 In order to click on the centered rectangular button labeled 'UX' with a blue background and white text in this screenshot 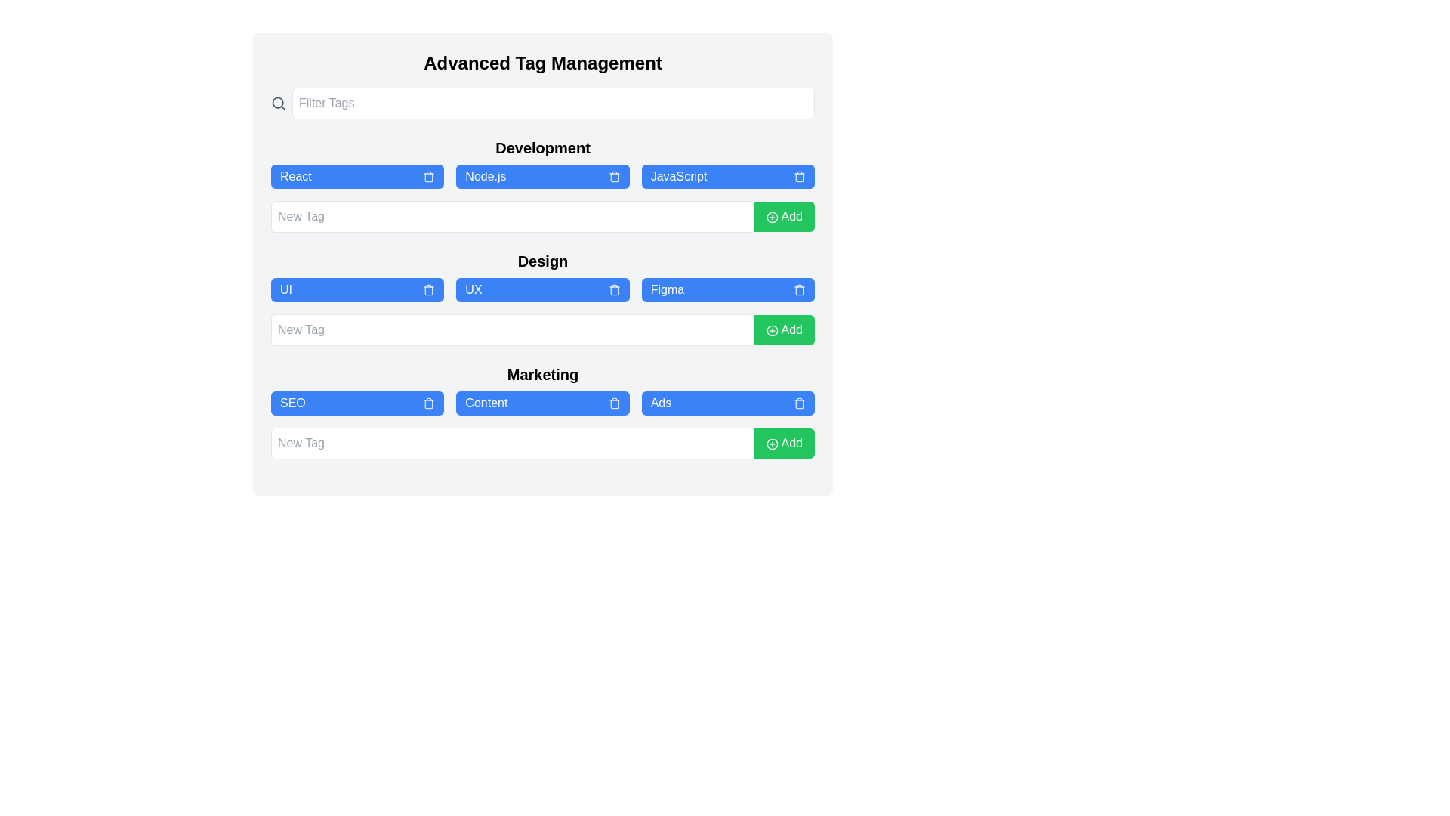, I will do `click(543, 298)`.